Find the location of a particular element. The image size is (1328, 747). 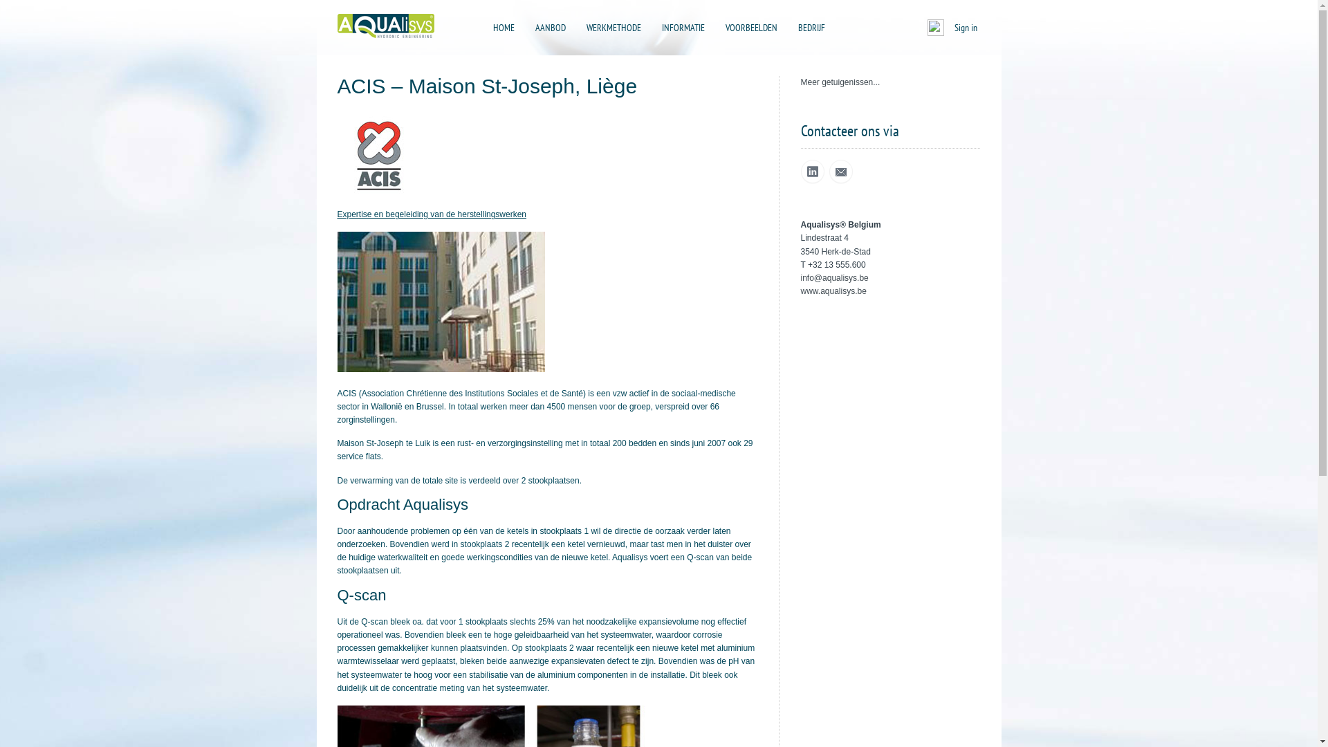

'Sign in' is located at coordinates (965, 27).